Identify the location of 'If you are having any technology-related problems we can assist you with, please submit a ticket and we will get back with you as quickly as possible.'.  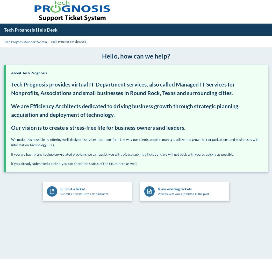
(123, 154).